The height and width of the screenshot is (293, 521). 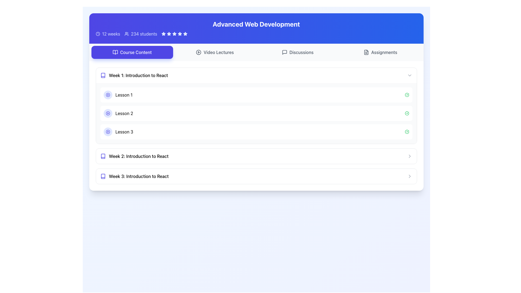 What do you see at coordinates (108, 95) in the screenshot?
I see `the play button for 'Lesson 1' located to the left of the 'Lesson 1' text in the 'Week 1: Introduction to React' section` at bounding box center [108, 95].